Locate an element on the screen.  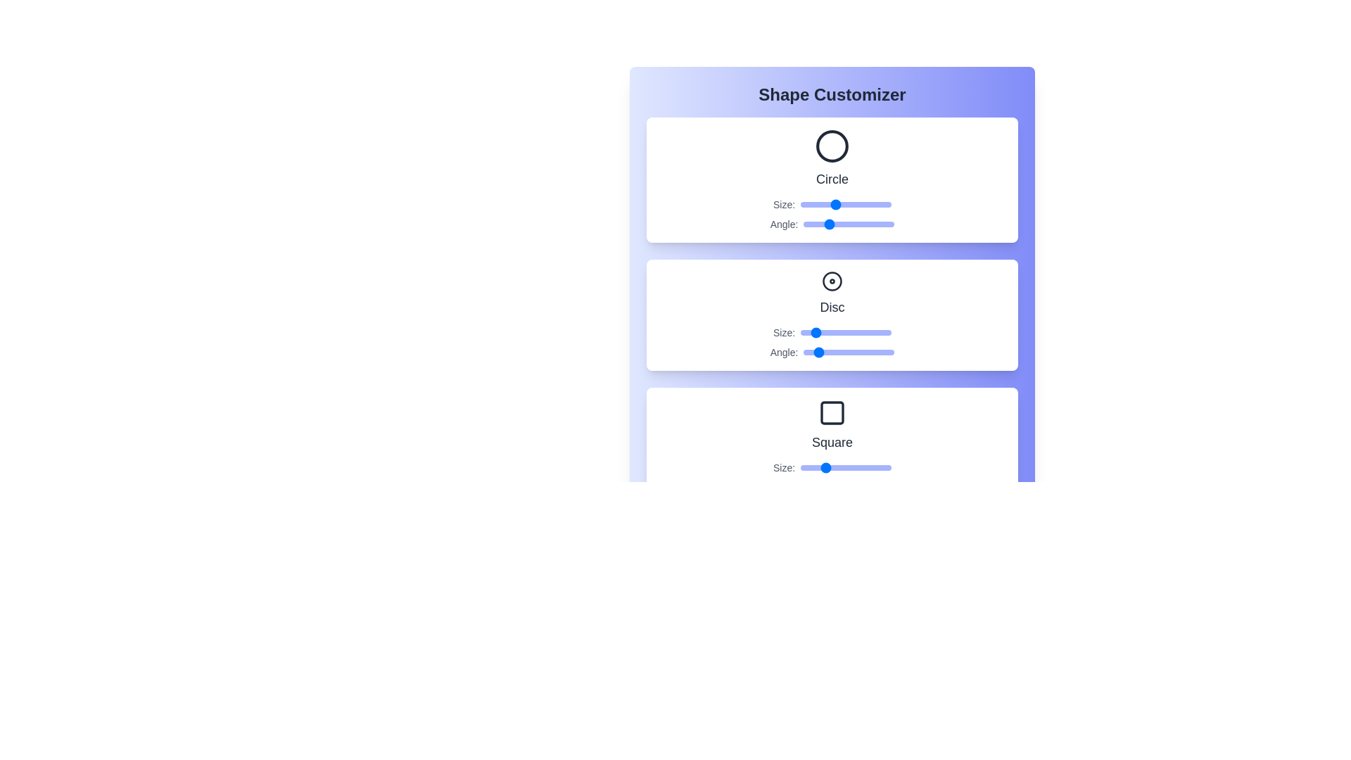
the size slider of the Square shape to 59 is located at coordinates (844, 467).